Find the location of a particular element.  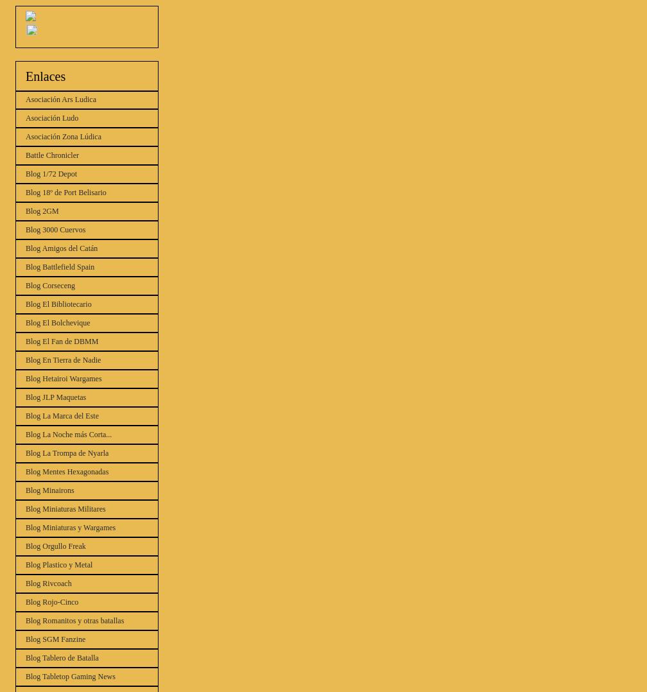

'Asociación Ludo' is located at coordinates (52, 117).